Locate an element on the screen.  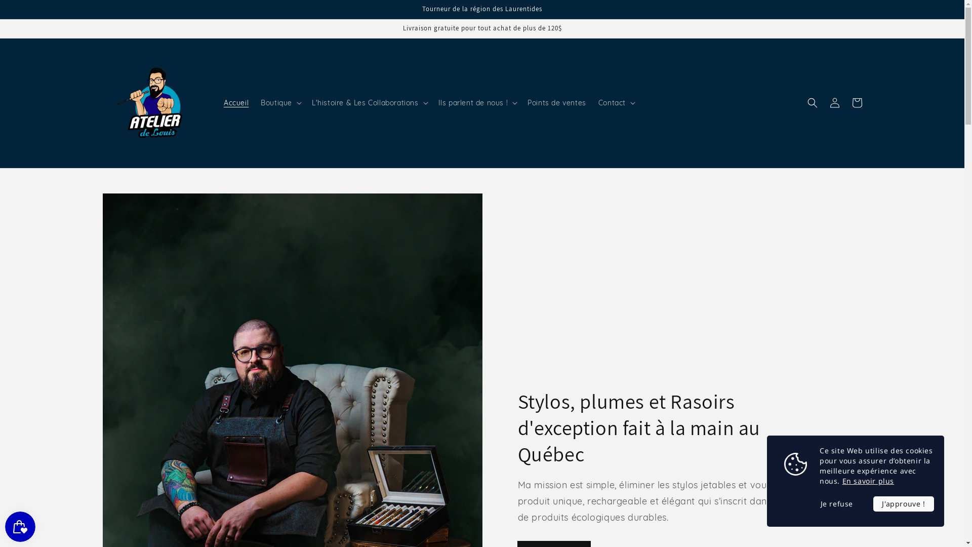
'Connexion' is located at coordinates (834, 103).